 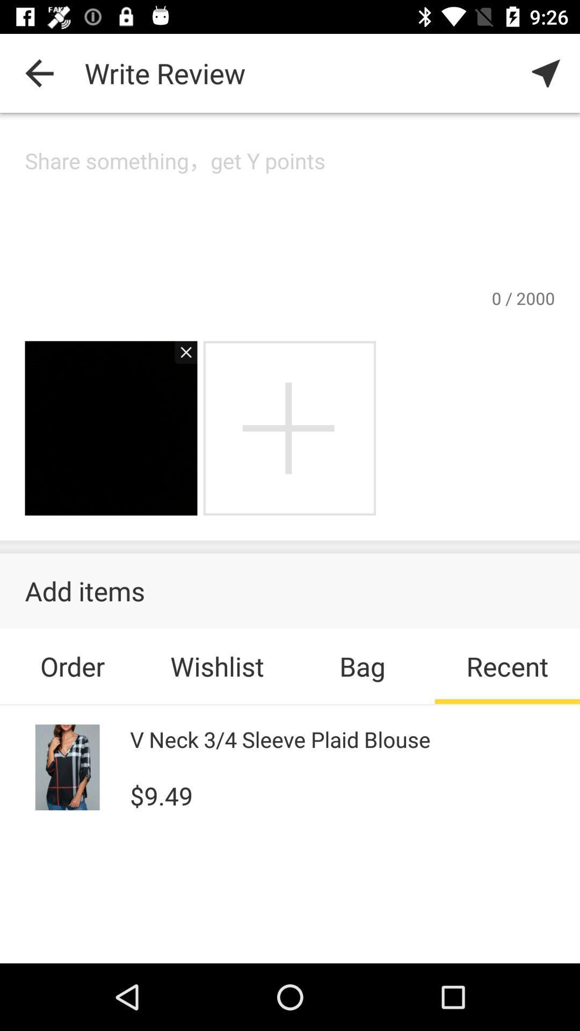 What do you see at coordinates (179, 358) in the screenshot?
I see `picture` at bounding box center [179, 358].